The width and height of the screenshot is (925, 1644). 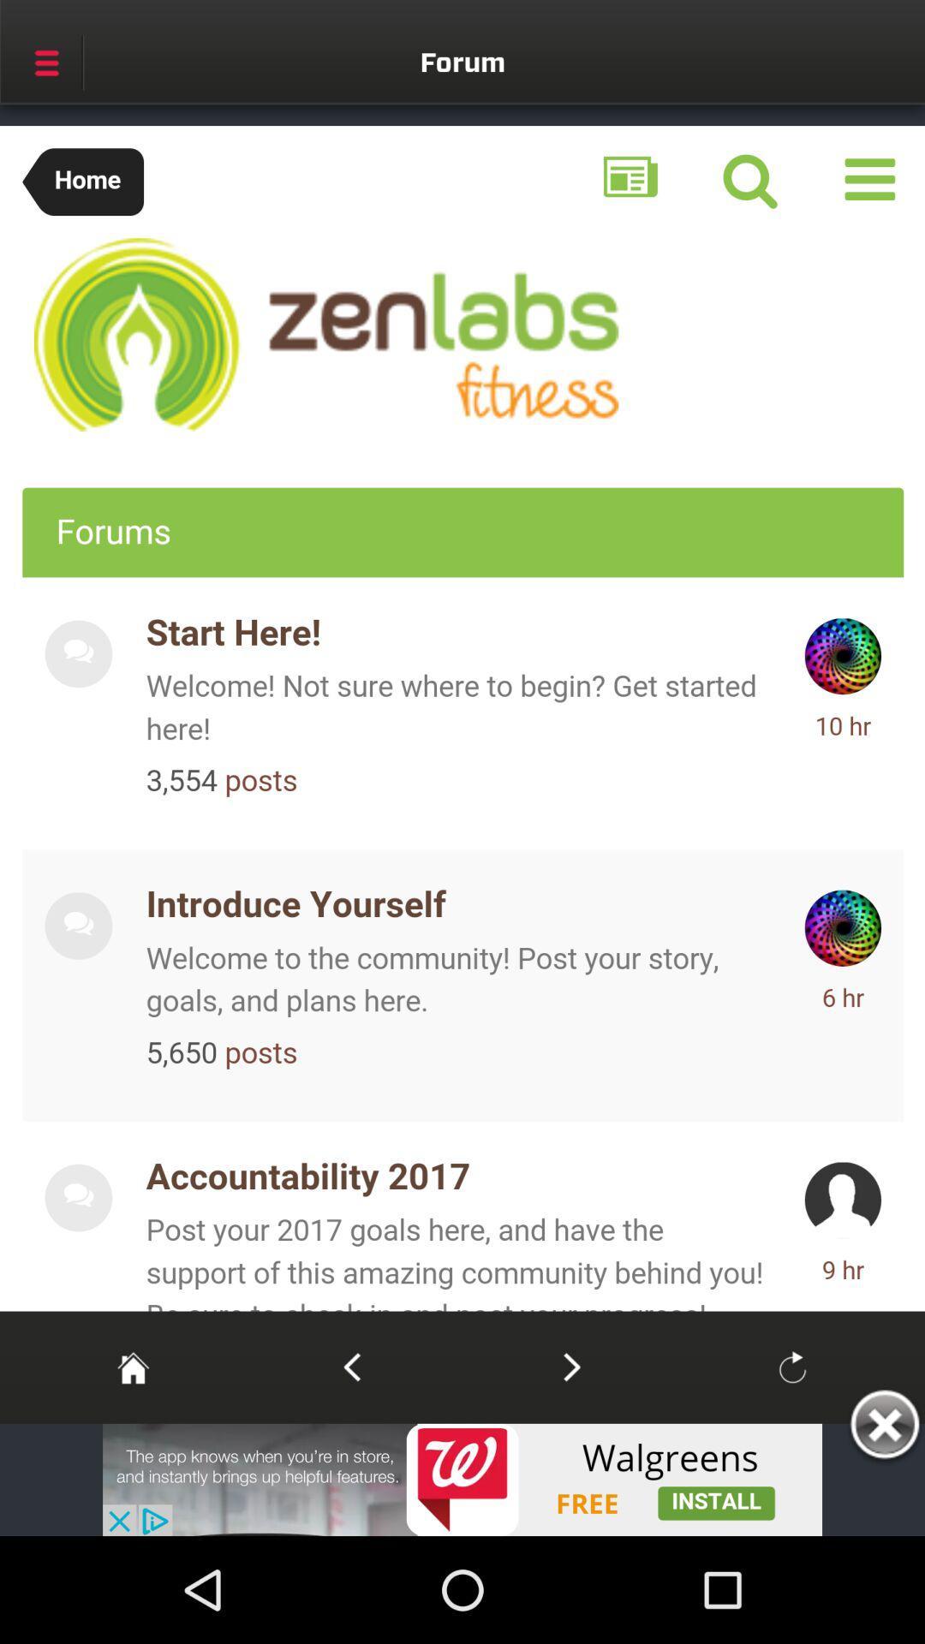 What do you see at coordinates (884, 1427) in the screenshot?
I see `the close icon` at bounding box center [884, 1427].